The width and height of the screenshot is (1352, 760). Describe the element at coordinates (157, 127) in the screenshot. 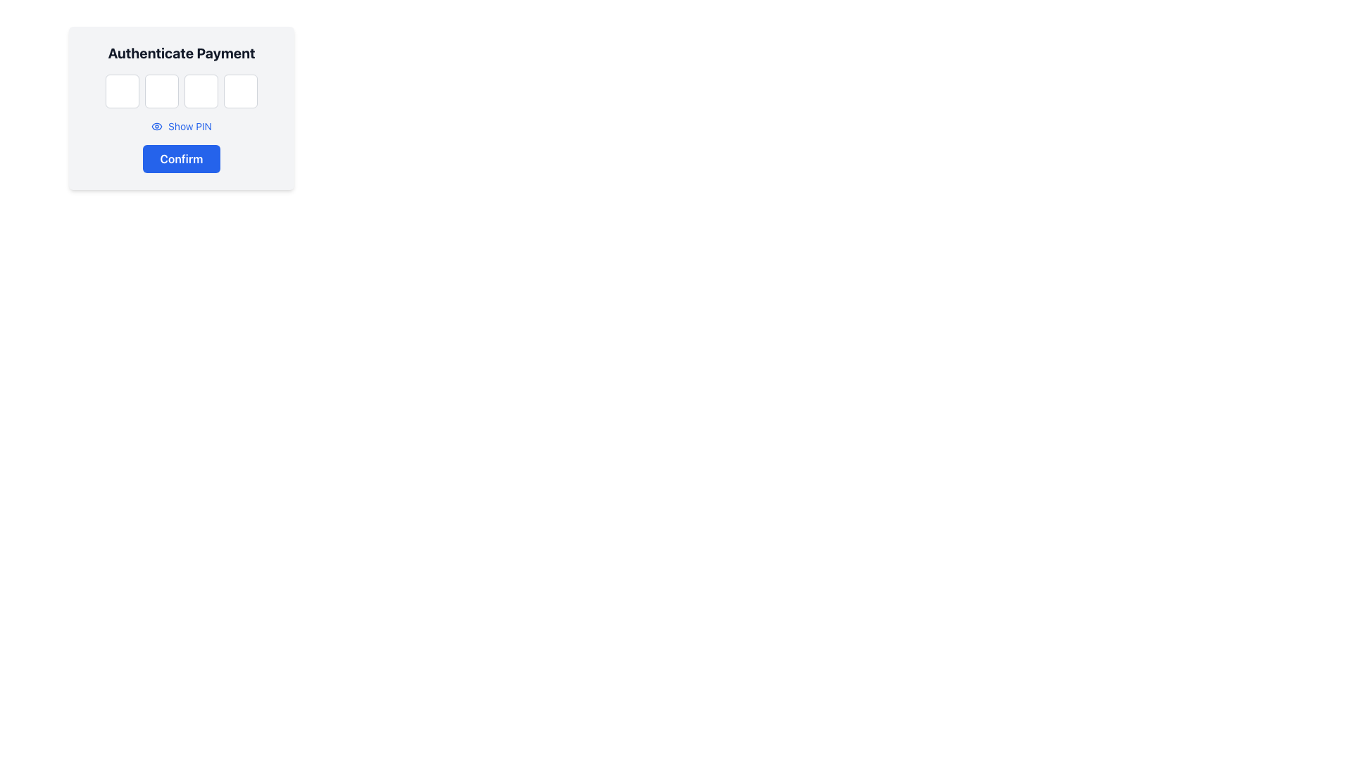

I see `the eye-shaped SVG graphic icon located to the left of the 'Show PIN' text in the authentication box interface` at that location.